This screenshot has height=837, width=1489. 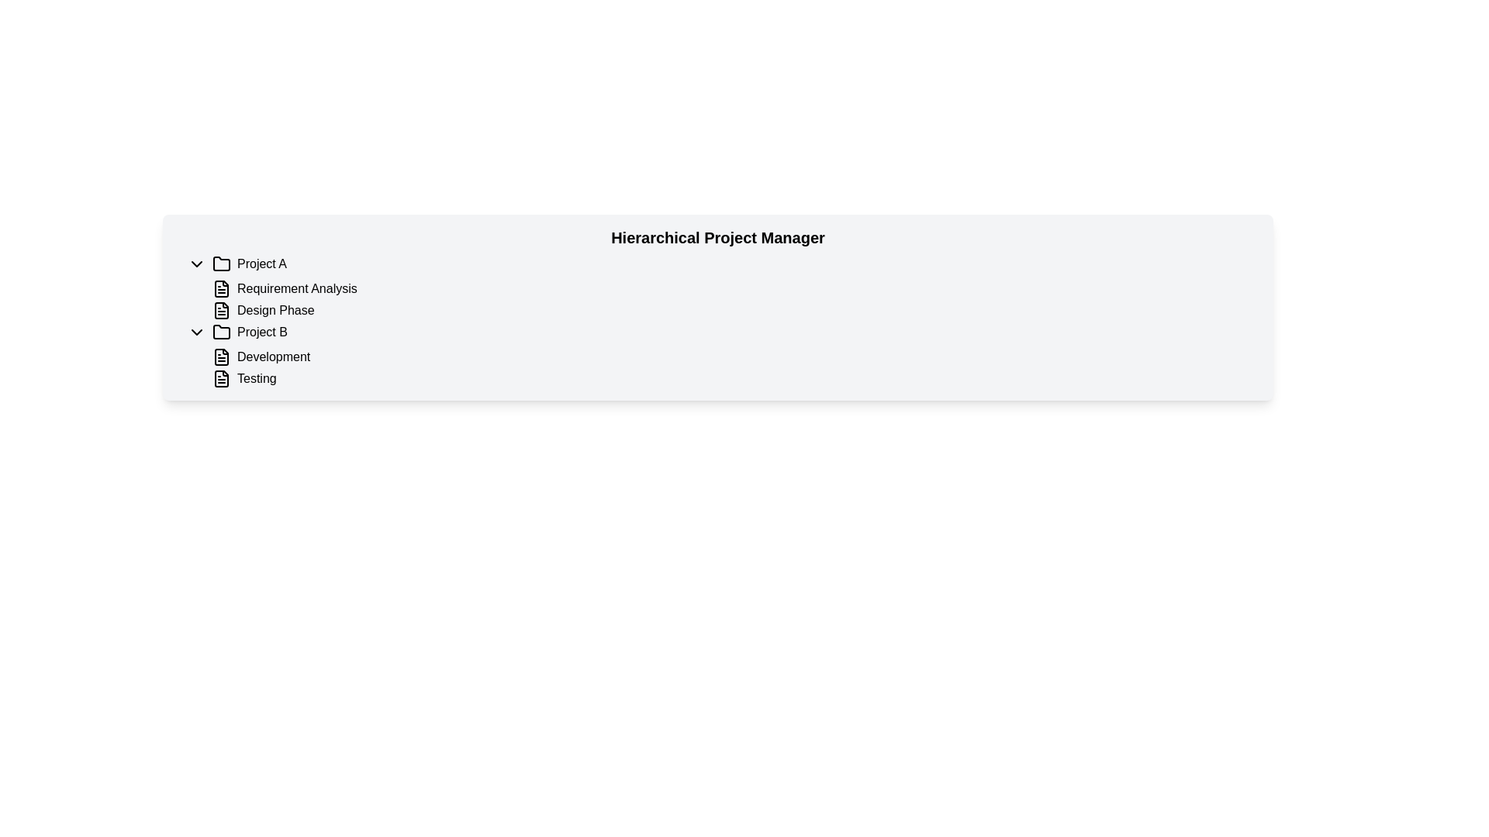 What do you see at coordinates (221, 289) in the screenshot?
I see `the document icon associated with the 'Requirement Analysis' item, which is located to the left of the 'Requirement Analysis' text in the layout under 'Project A'` at bounding box center [221, 289].